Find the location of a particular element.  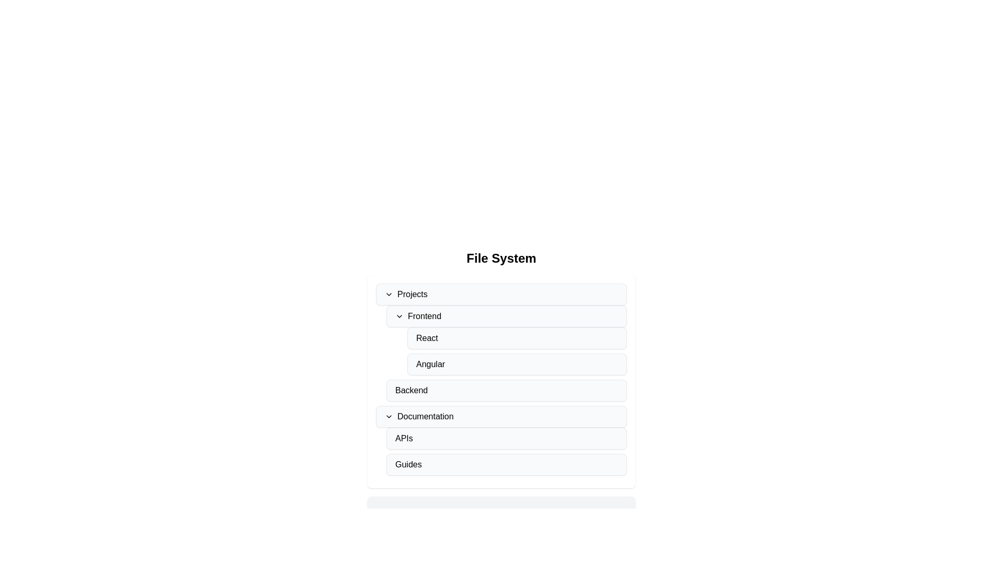

the 'Frontend' text label, which is a sub-item under the 'Projects' category in a hierarchical tree structure is located at coordinates (424, 315).